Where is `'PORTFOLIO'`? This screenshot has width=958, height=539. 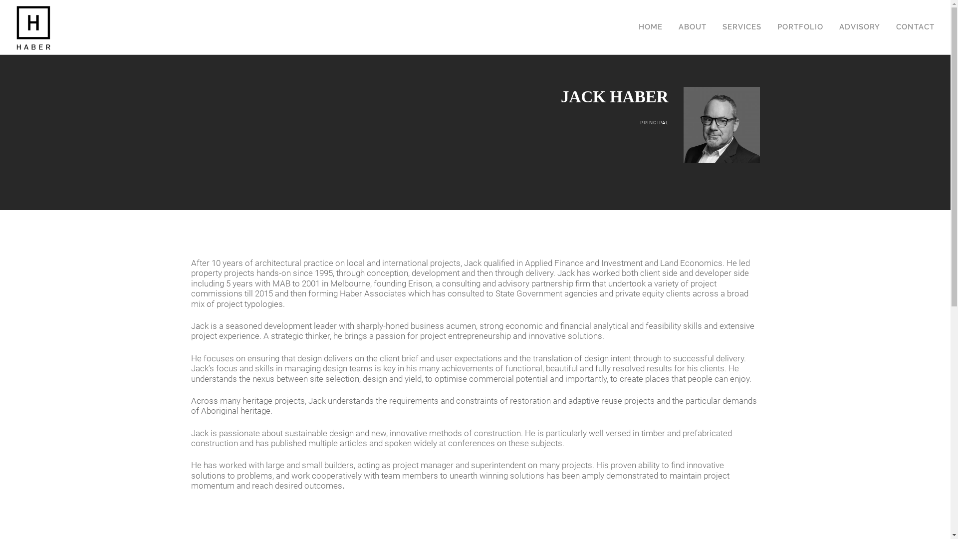
'PORTFOLIO' is located at coordinates (800, 13).